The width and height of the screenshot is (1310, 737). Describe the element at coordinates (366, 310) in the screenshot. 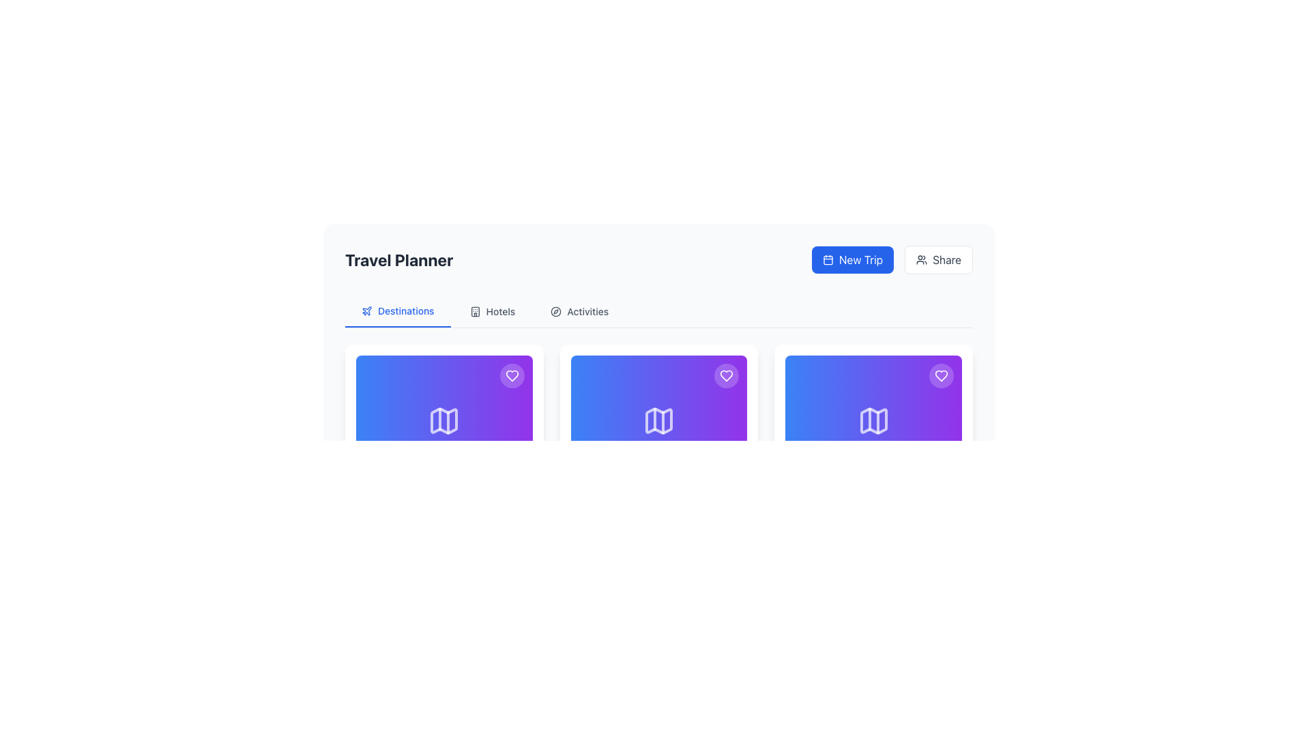

I see `the 'Destinations' navigation tab icon, located to the left of the text label 'Destinations' within the navigation bar` at that location.